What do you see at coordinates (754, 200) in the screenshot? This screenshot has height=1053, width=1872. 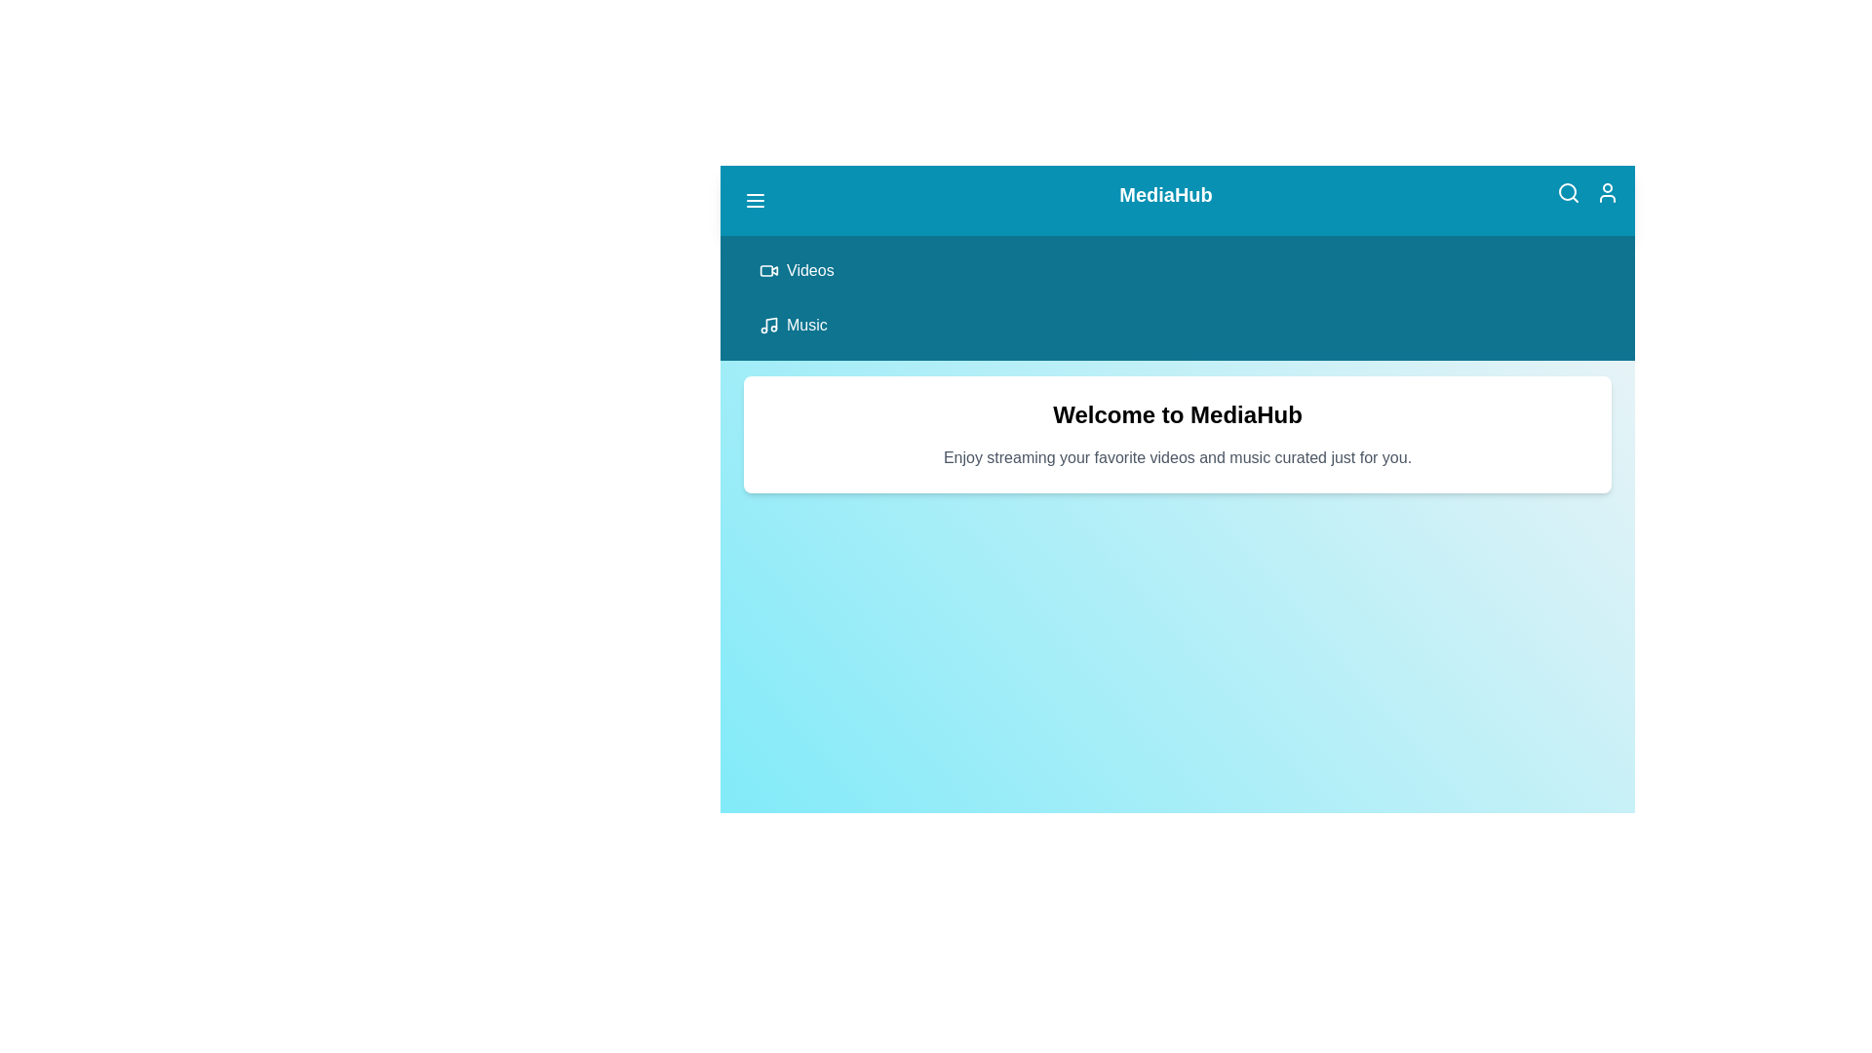 I see `the menu button to toggle the navigation menu` at bounding box center [754, 200].